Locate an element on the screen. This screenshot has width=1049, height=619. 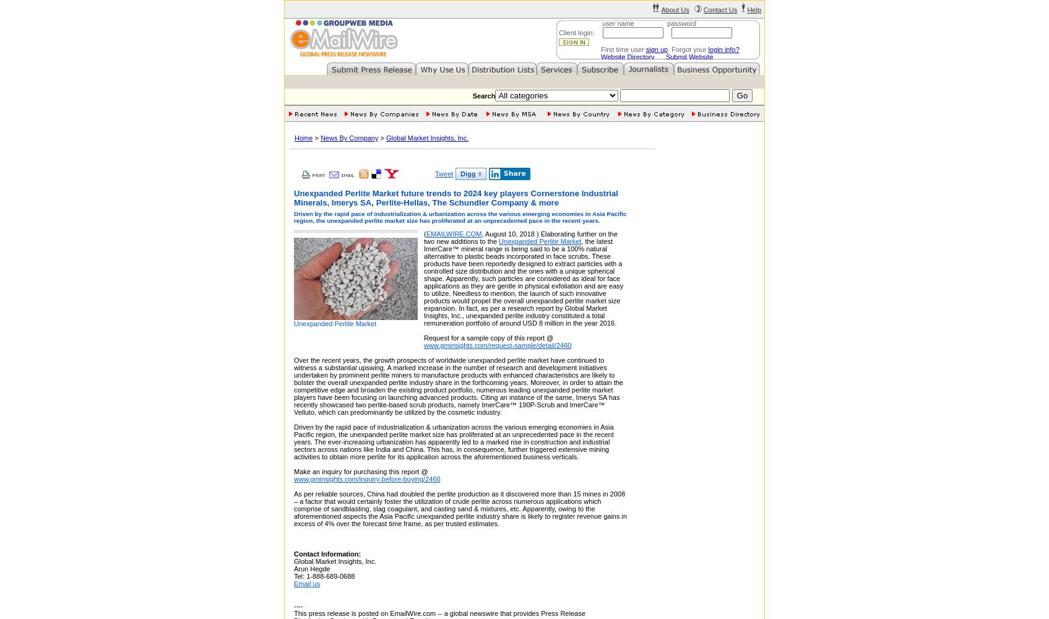
'Request for a sample copy of this report @' is located at coordinates (488, 338).